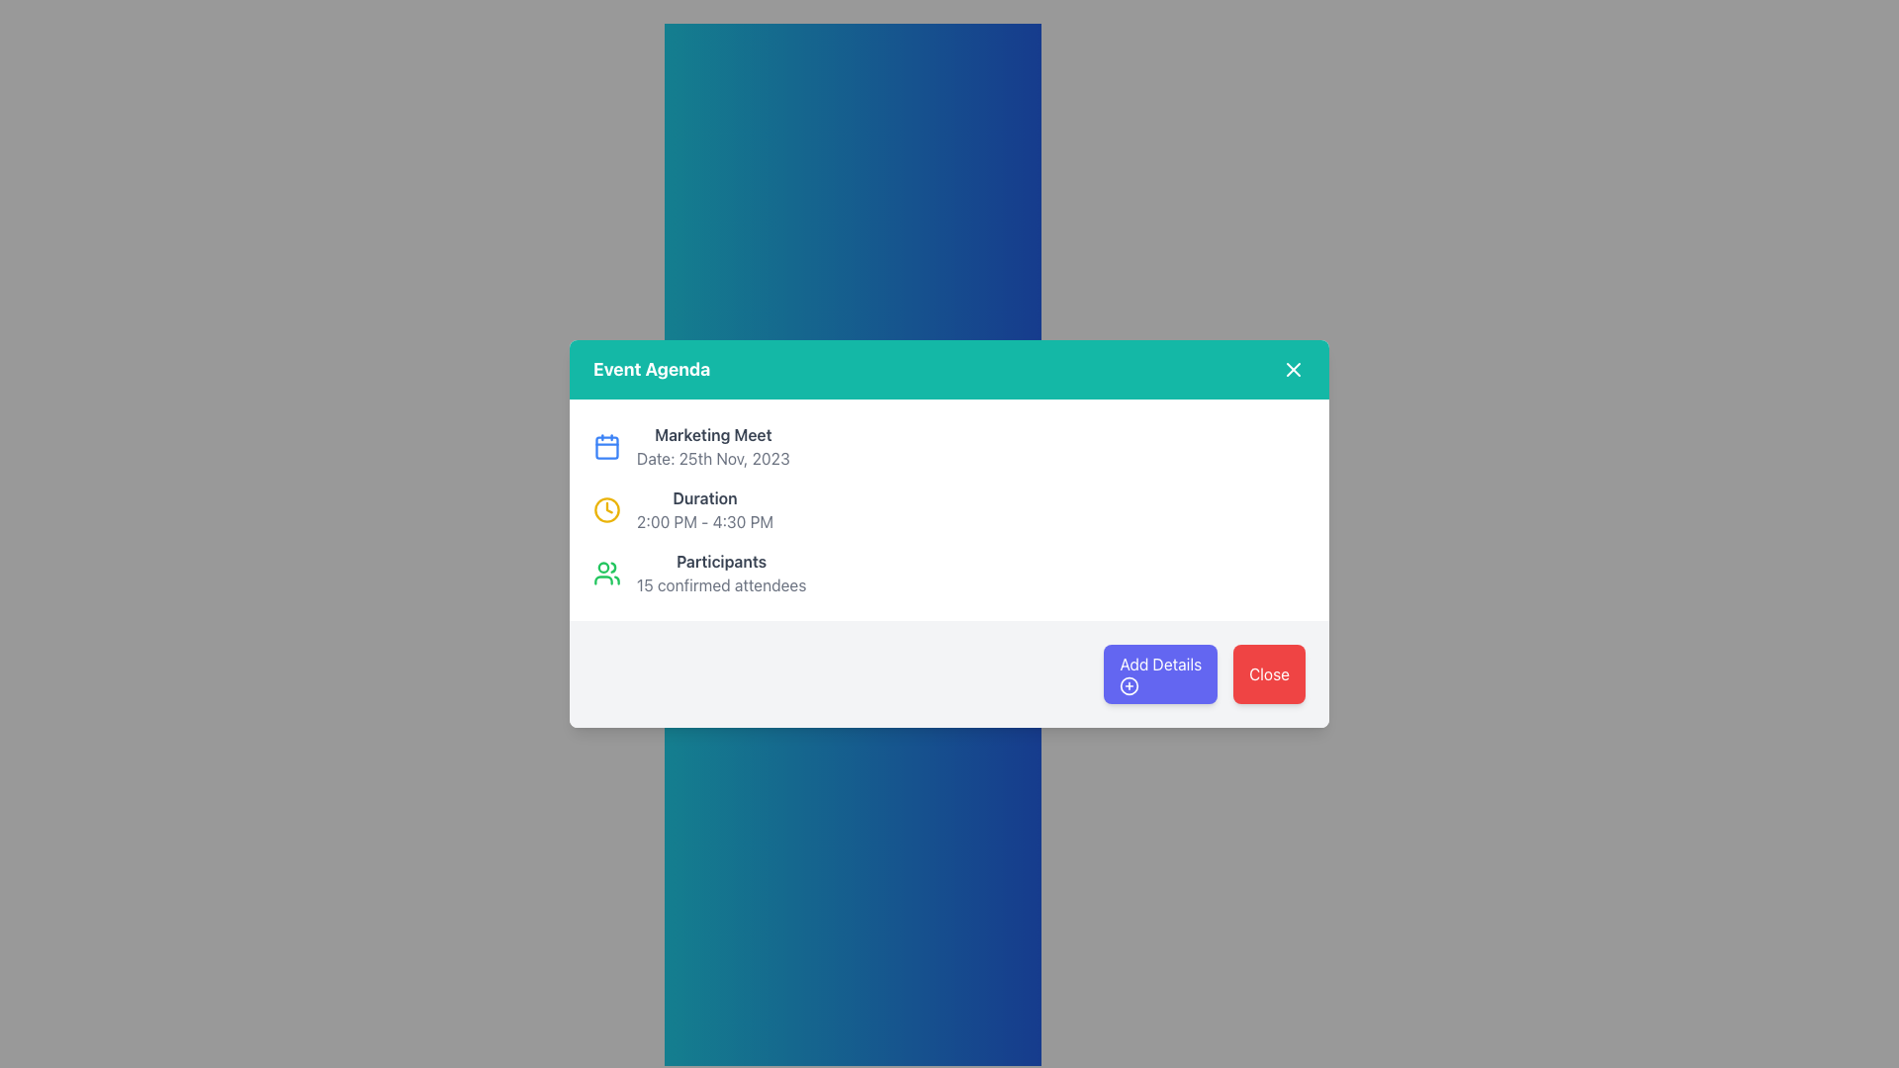 This screenshot has height=1068, width=1899. I want to click on the green user group icon located next to the text 'Participants' in the third row, aligned vertically in the middle, so click(606, 573).